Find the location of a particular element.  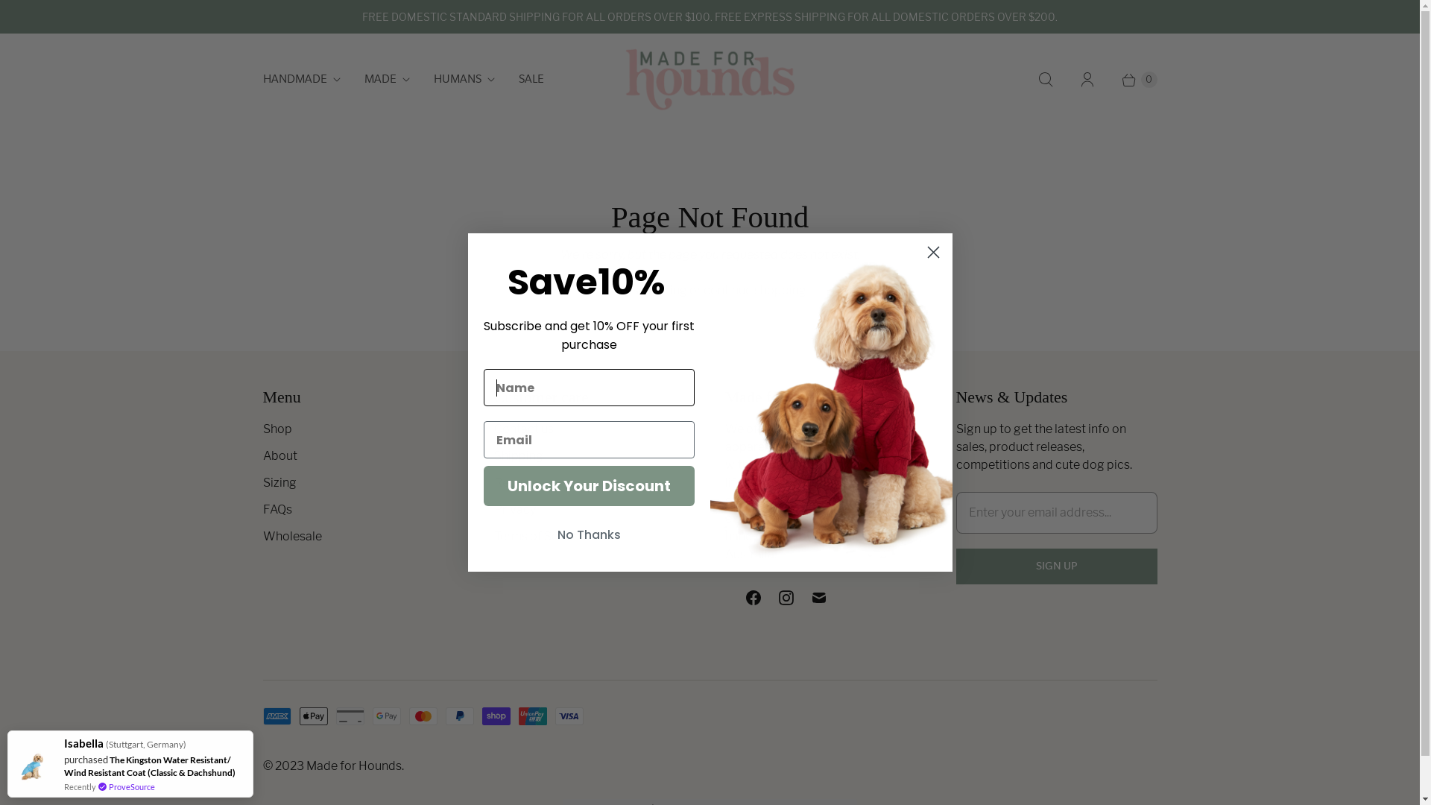

'0' is located at coordinates (1131, 80).